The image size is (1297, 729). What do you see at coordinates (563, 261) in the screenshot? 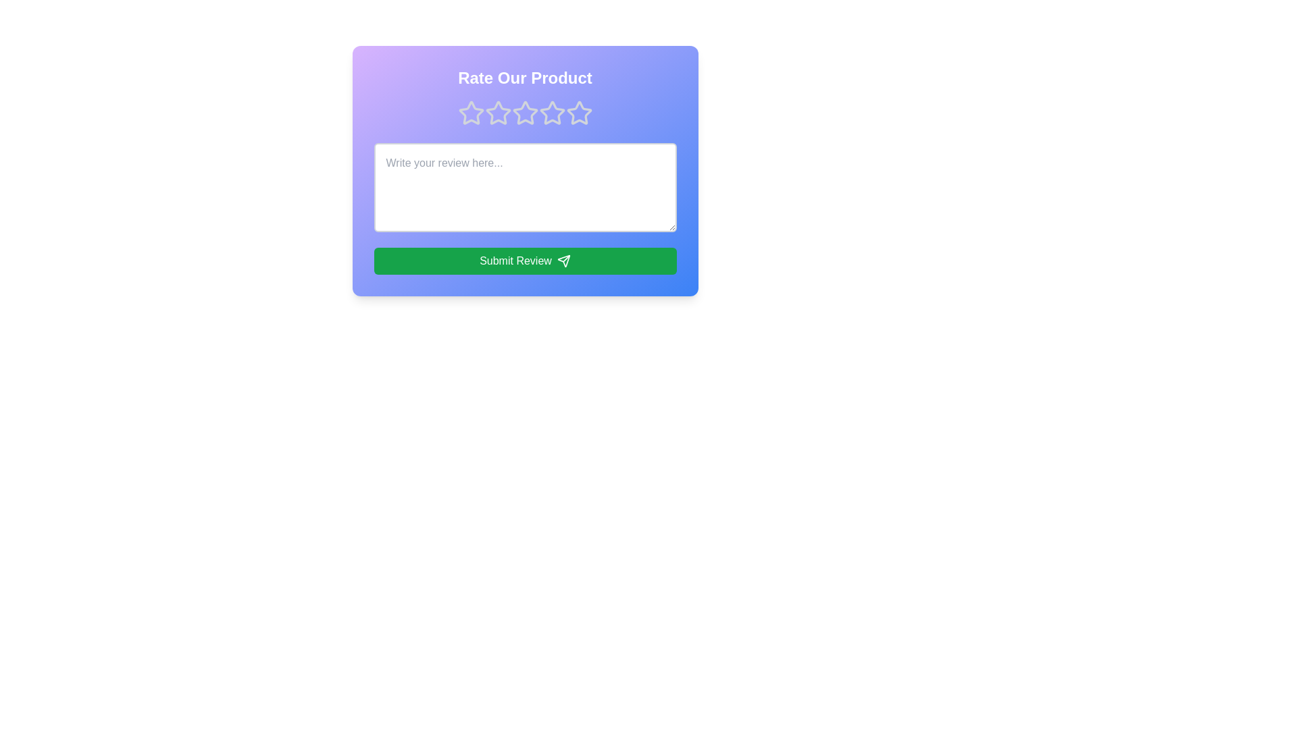
I see `the paper plane icon located within the green 'Submit Review' button at the bottom center of the form` at bounding box center [563, 261].